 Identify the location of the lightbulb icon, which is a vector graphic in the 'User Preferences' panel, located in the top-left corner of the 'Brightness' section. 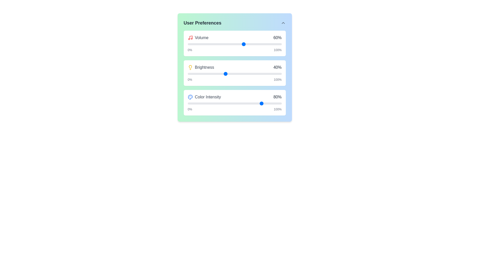
(190, 66).